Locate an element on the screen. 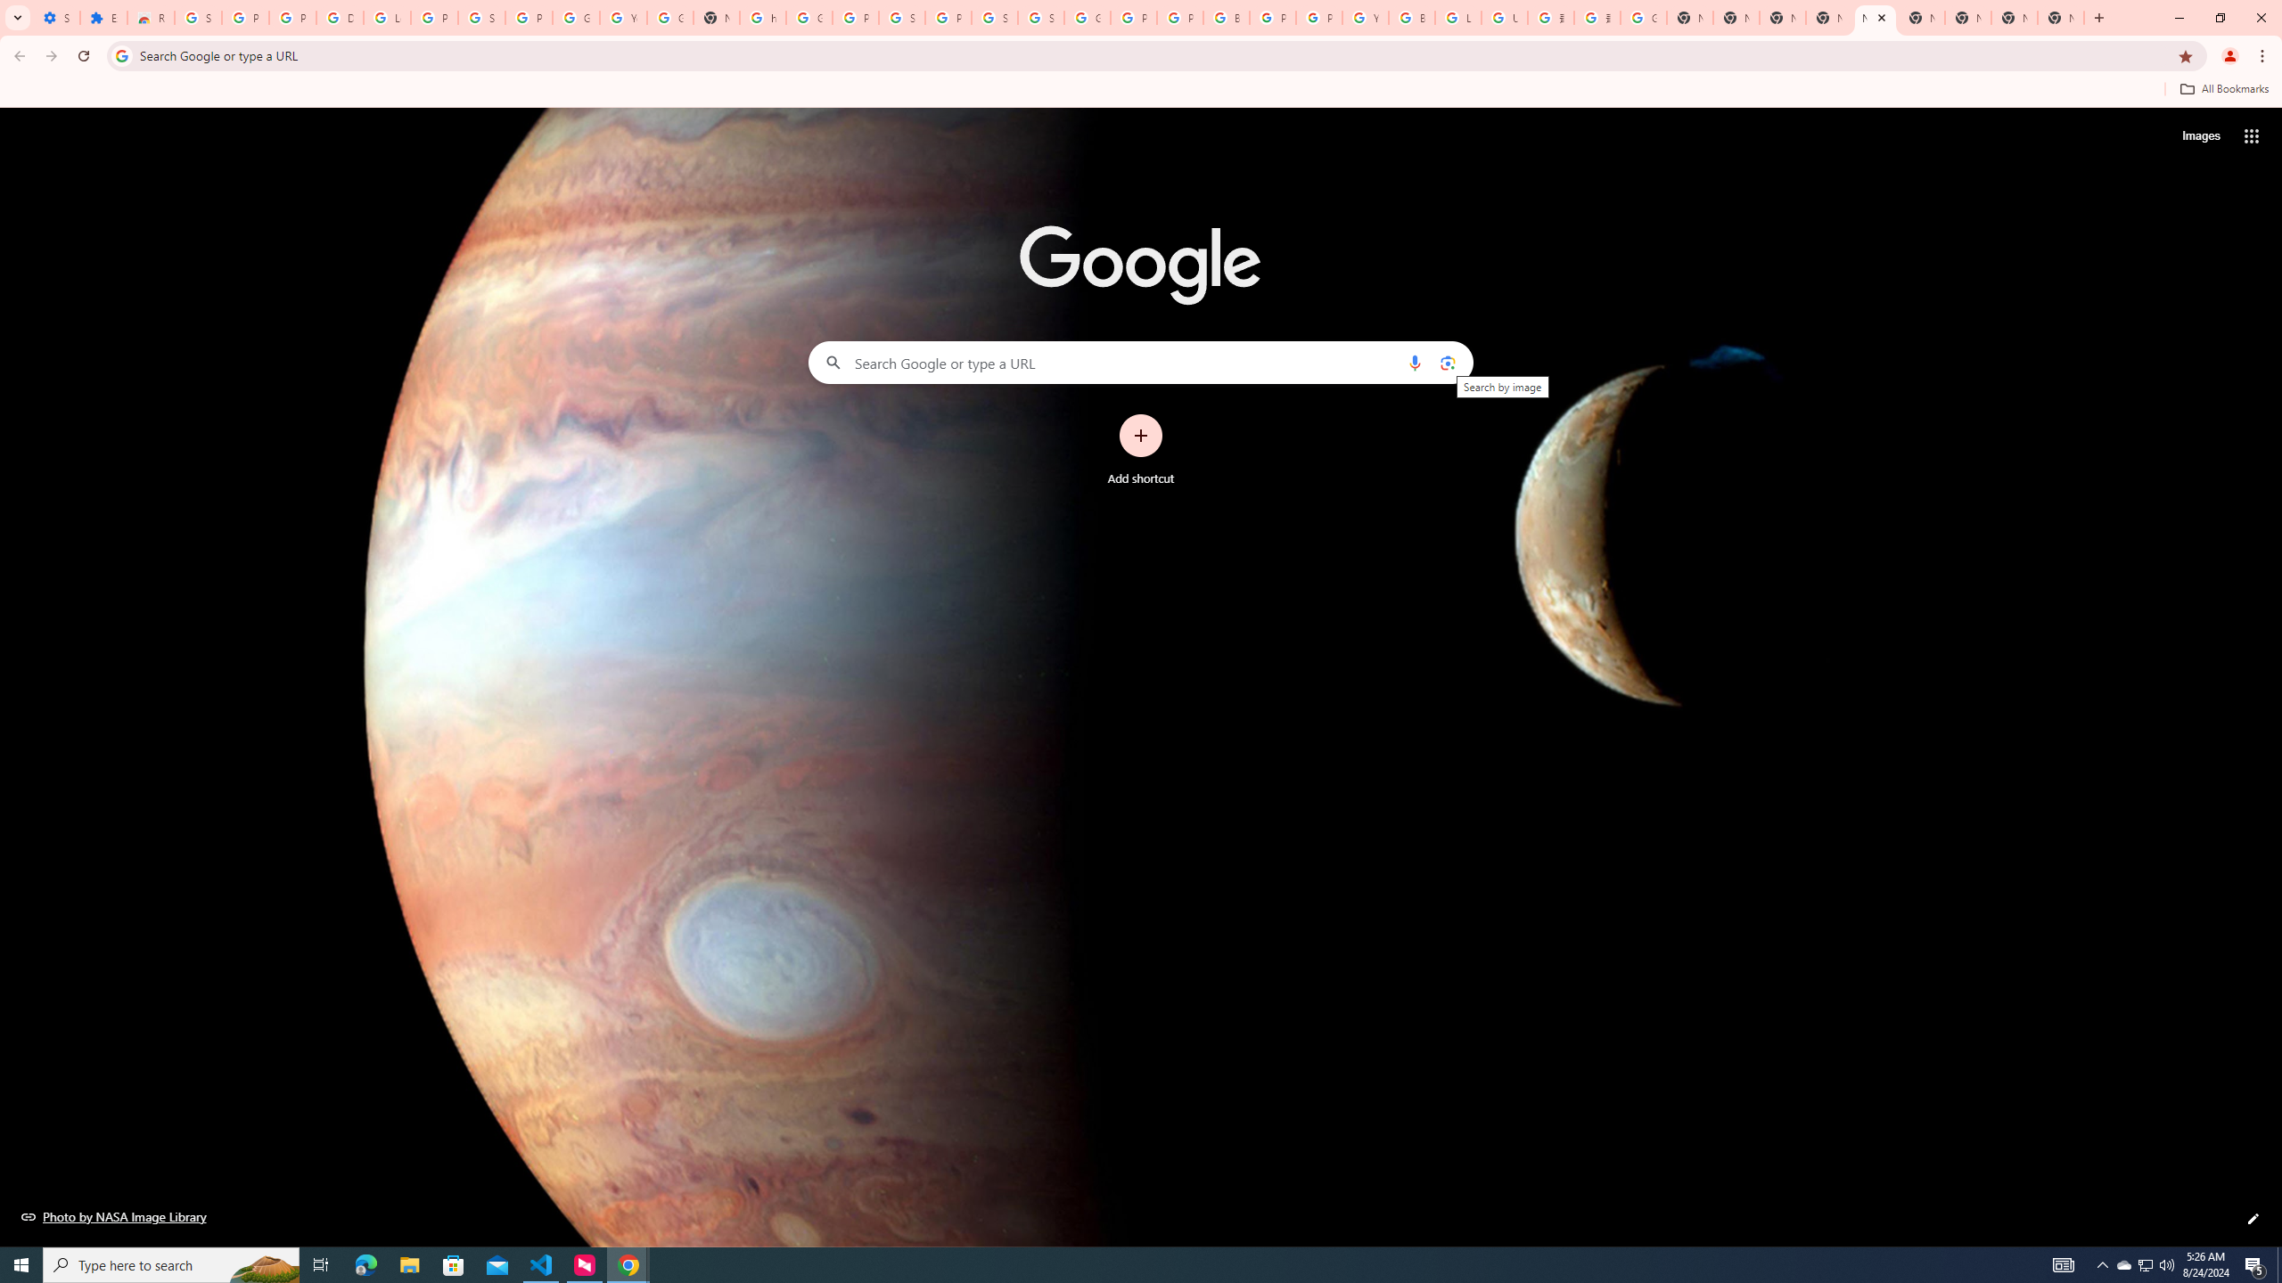  'Privacy Help Center - Policies Help' is located at coordinates (1133, 17).